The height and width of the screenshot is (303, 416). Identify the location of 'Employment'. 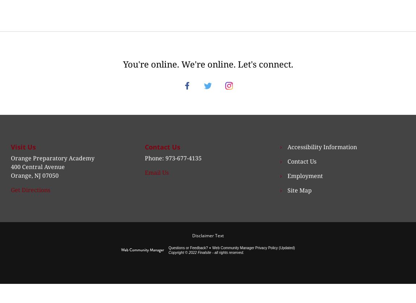
(304, 184).